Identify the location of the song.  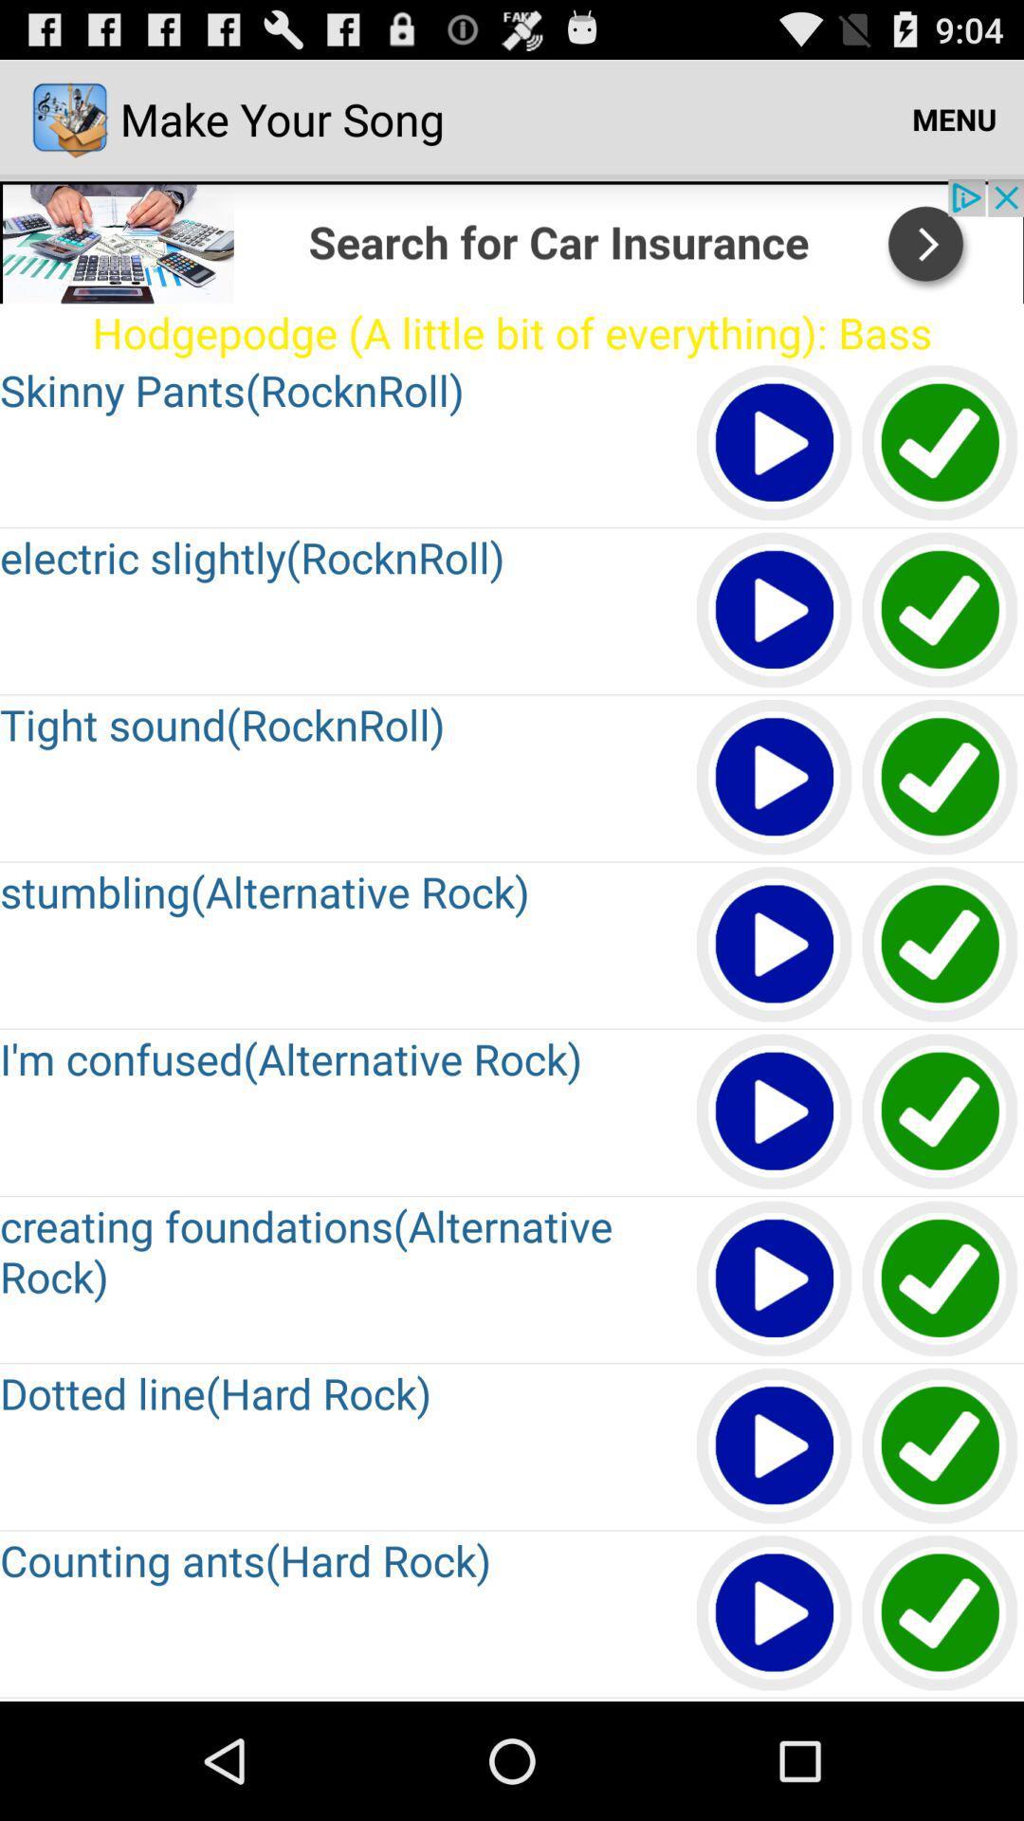
(775, 443).